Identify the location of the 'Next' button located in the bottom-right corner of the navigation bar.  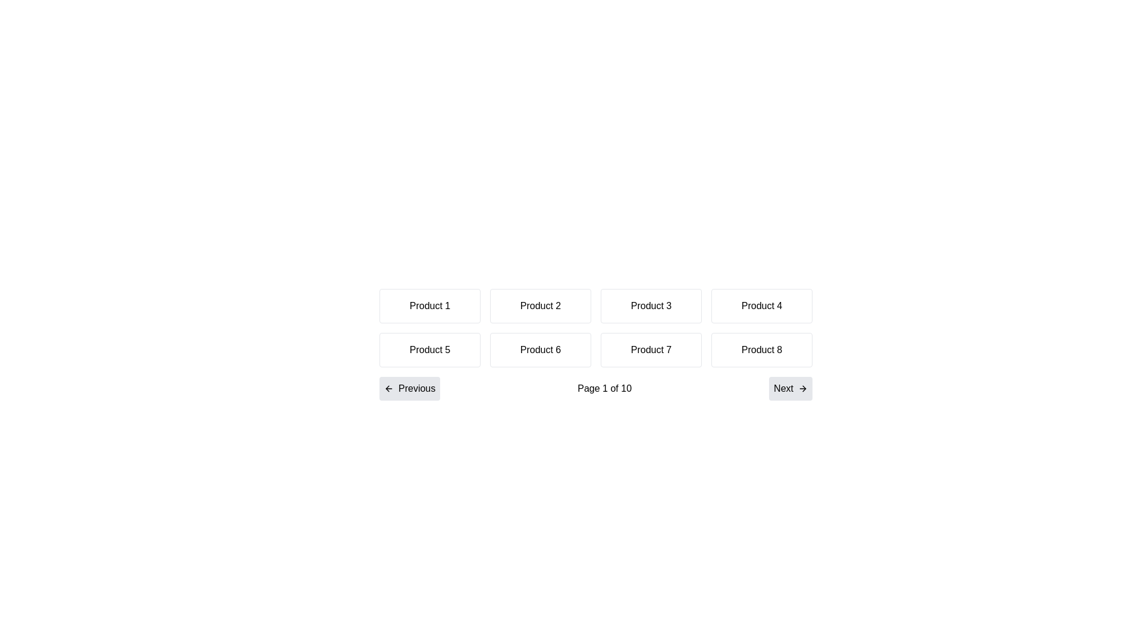
(790, 389).